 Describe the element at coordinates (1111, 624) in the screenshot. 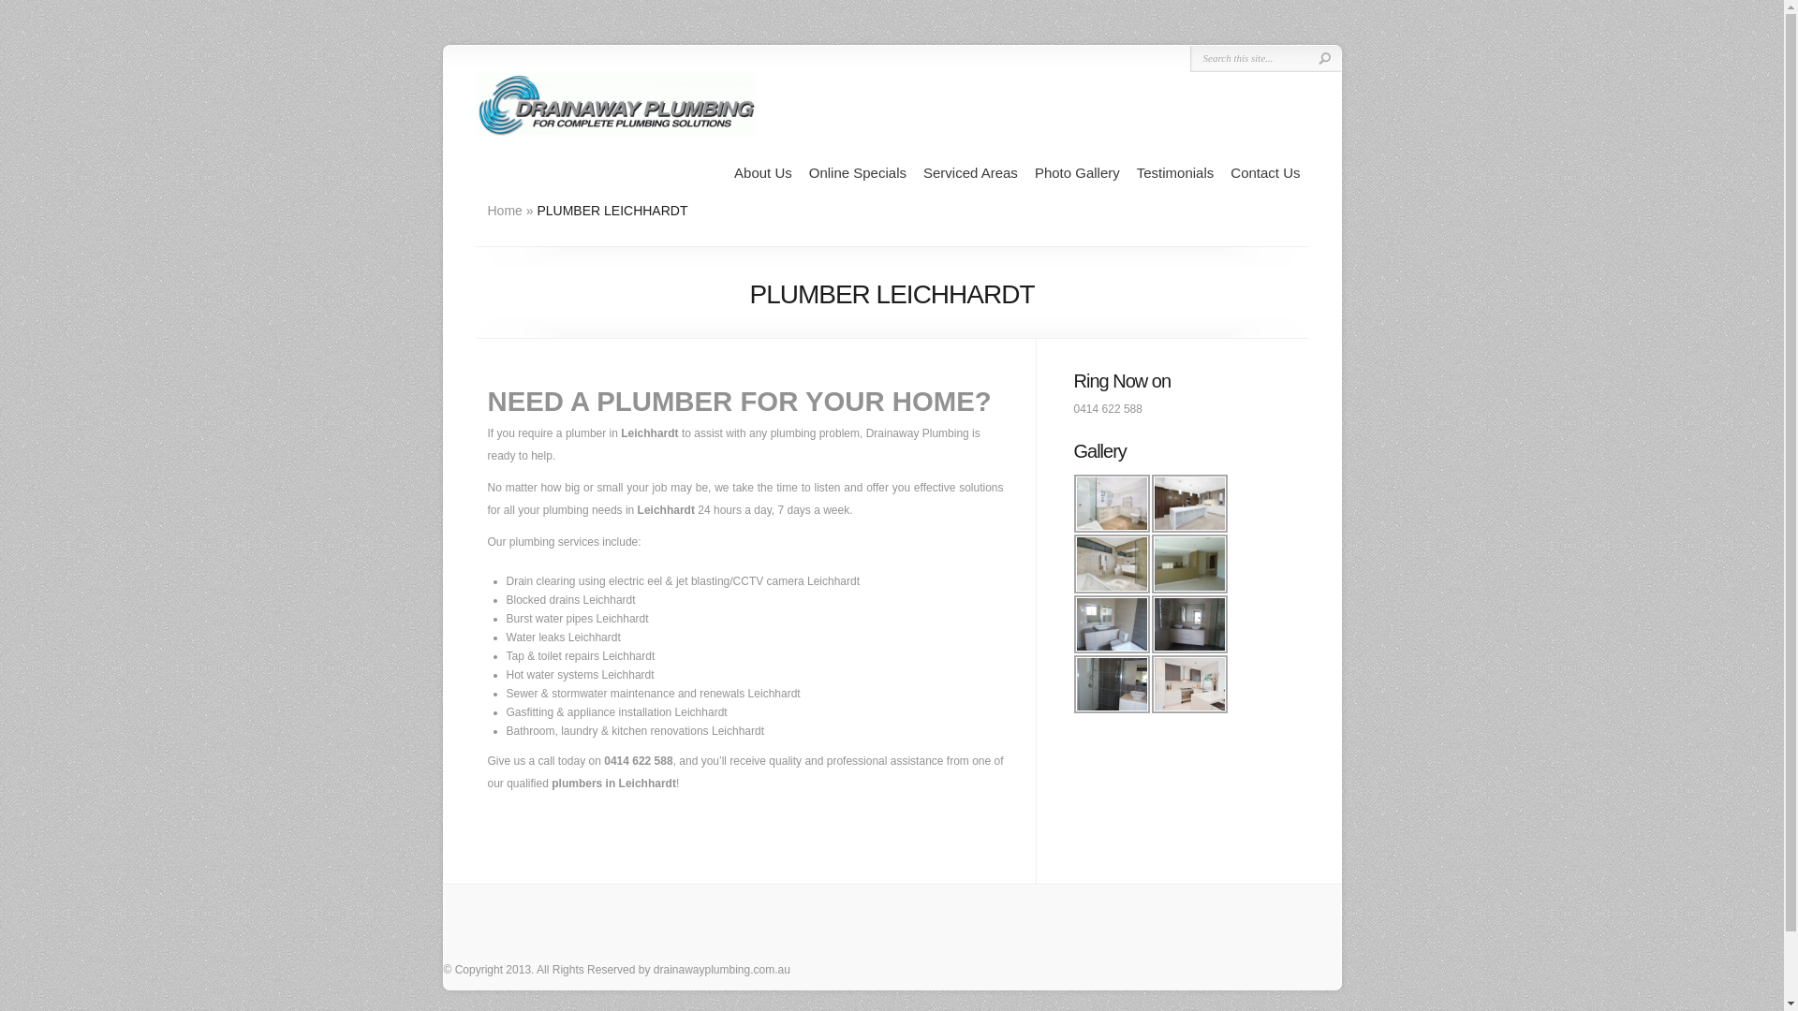

I see `'p1000441'` at that location.